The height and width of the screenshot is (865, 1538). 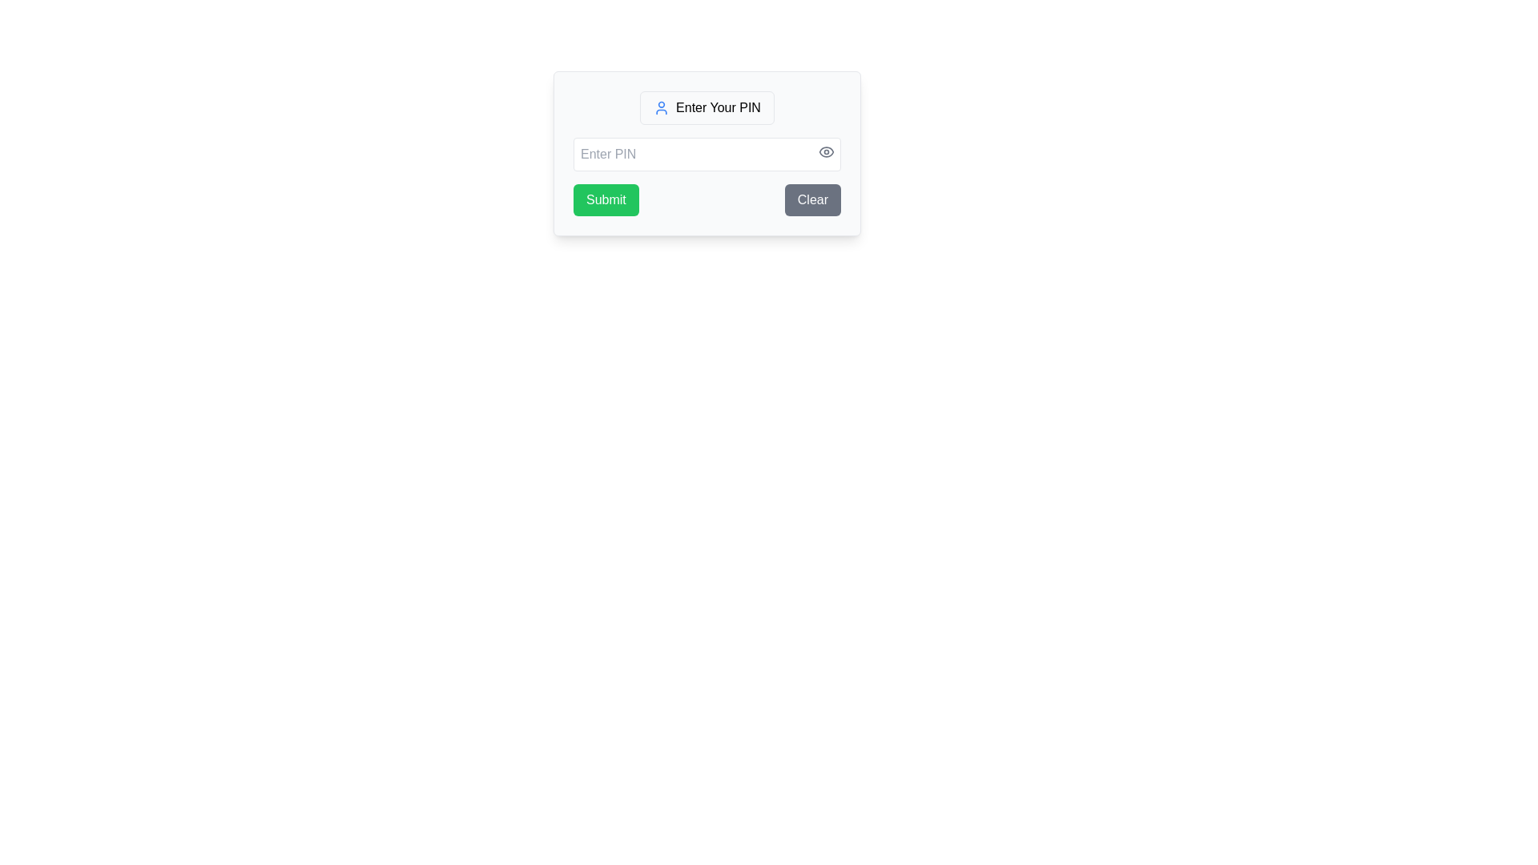 What do you see at coordinates (718, 108) in the screenshot?
I see `the text label displaying 'Enter Your PIN', which is located to the right of a user icon in the top-center of the interface` at bounding box center [718, 108].